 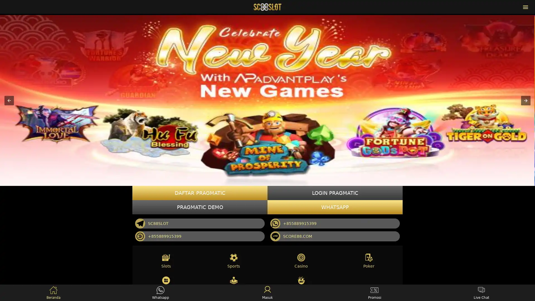 What do you see at coordinates (525, 100) in the screenshot?
I see `Next item in carousel (1 of 3)` at bounding box center [525, 100].